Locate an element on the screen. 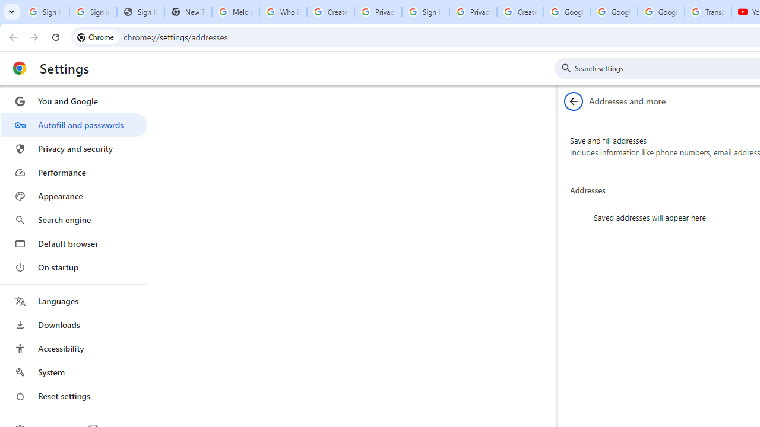 This screenshot has height=427, width=760. 'Languages' is located at coordinates (73, 300).